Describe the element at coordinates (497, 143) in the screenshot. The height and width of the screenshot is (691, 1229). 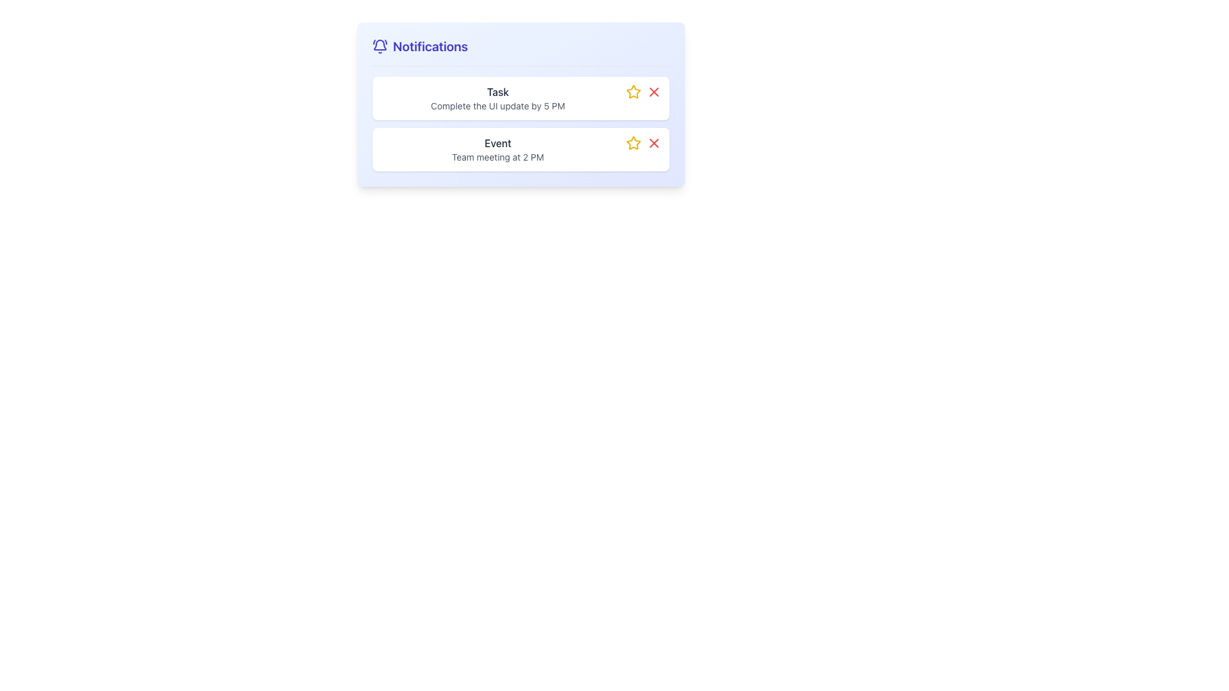
I see `the Static Text element displaying 'Event' within the second notification card, which is visually bolded and aligned to the left` at that location.